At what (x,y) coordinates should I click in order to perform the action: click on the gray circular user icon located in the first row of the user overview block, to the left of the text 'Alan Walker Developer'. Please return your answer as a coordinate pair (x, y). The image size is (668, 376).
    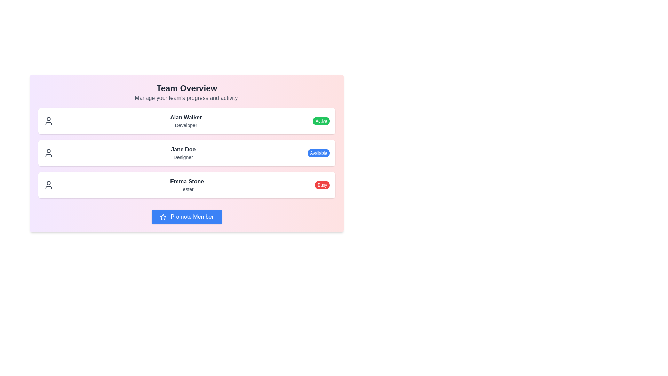
    Looking at the image, I should click on (48, 120).